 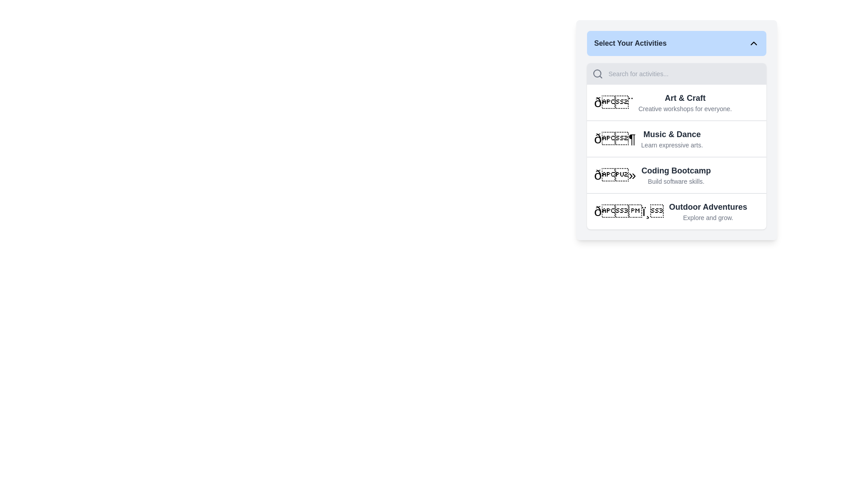 I want to click on the chevron-down icon located inside the light blue rectangular area labeled 'Select Your Activities' to trigger its associated action, so click(x=753, y=43).